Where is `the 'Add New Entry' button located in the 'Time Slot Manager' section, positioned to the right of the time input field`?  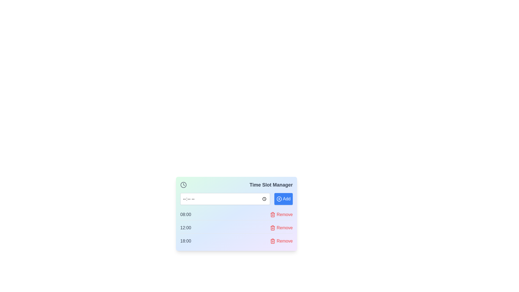
the 'Add New Entry' button located in the 'Time Slot Manager' section, positioned to the right of the time input field is located at coordinates (283, 199).